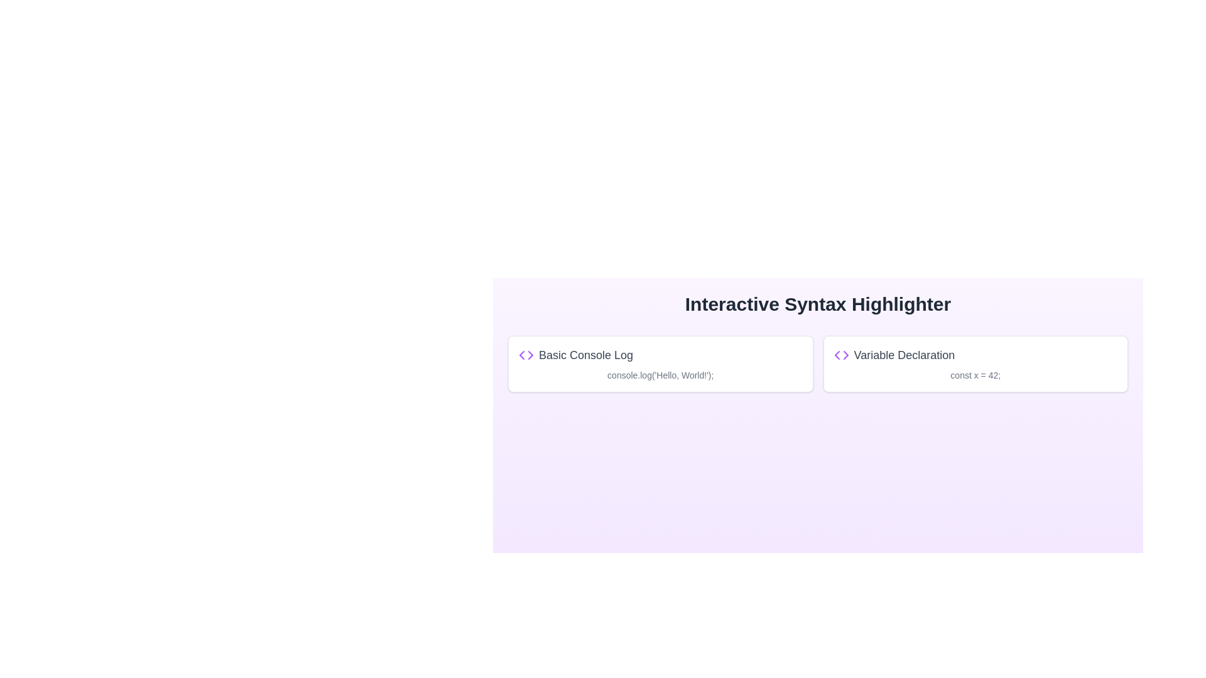 Image resolution: width=1206 pixels, height=678 pixels. I want to click on right arrowhead icon, which indicates movement or navigation, by interacting with it, so click(845, 355).